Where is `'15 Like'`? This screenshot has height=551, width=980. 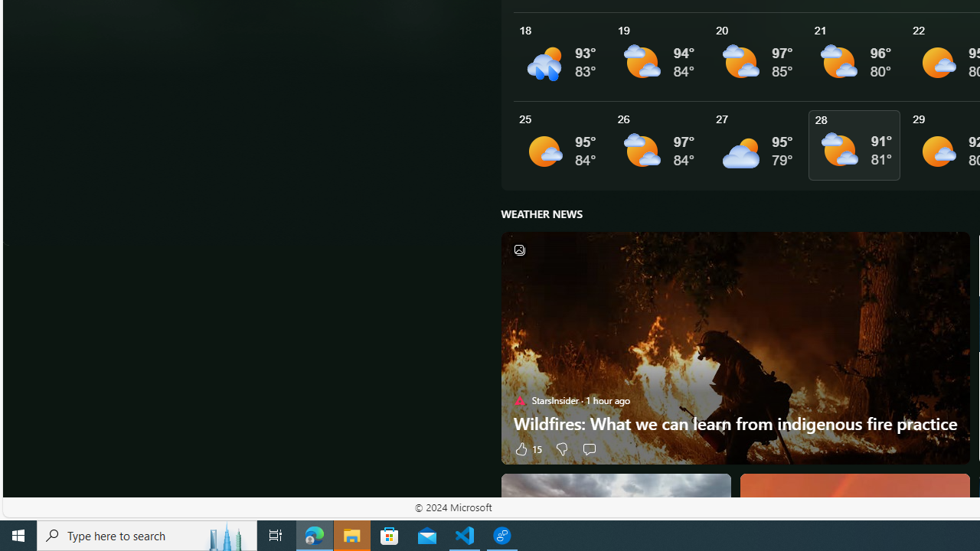 '15 Like' is located at coordinates (527, 448).